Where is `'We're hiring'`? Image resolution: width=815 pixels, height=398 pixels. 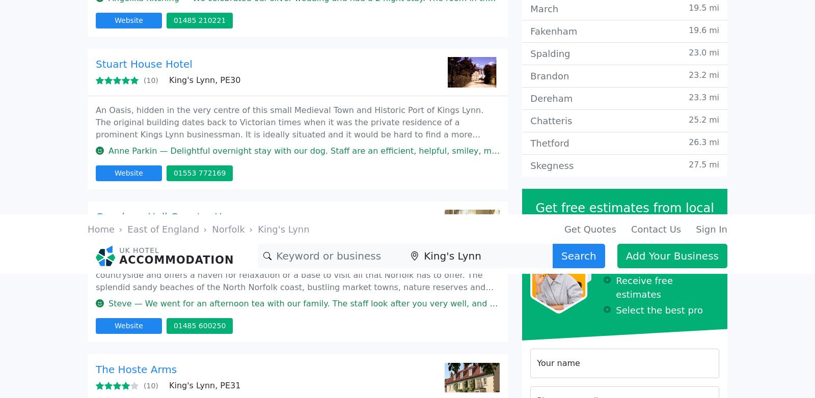 'We're hiring' is located at coordinates (441, 122).